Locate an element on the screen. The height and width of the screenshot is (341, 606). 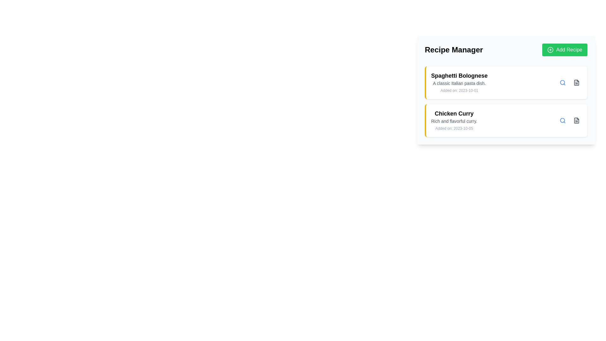
the prominent text element reading 'Spaghetti Bolognese' in the 'Recipe Manager' section to trigger a tooltip or highlight effect is located at coordinates (459, 75).